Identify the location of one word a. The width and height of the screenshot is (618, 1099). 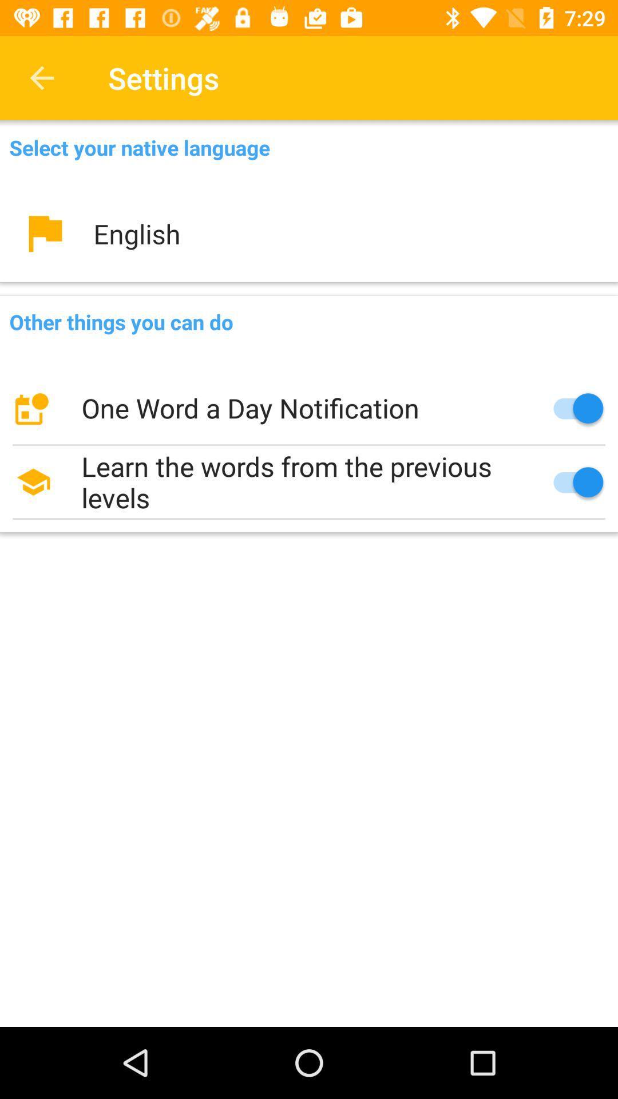
(309, 408).